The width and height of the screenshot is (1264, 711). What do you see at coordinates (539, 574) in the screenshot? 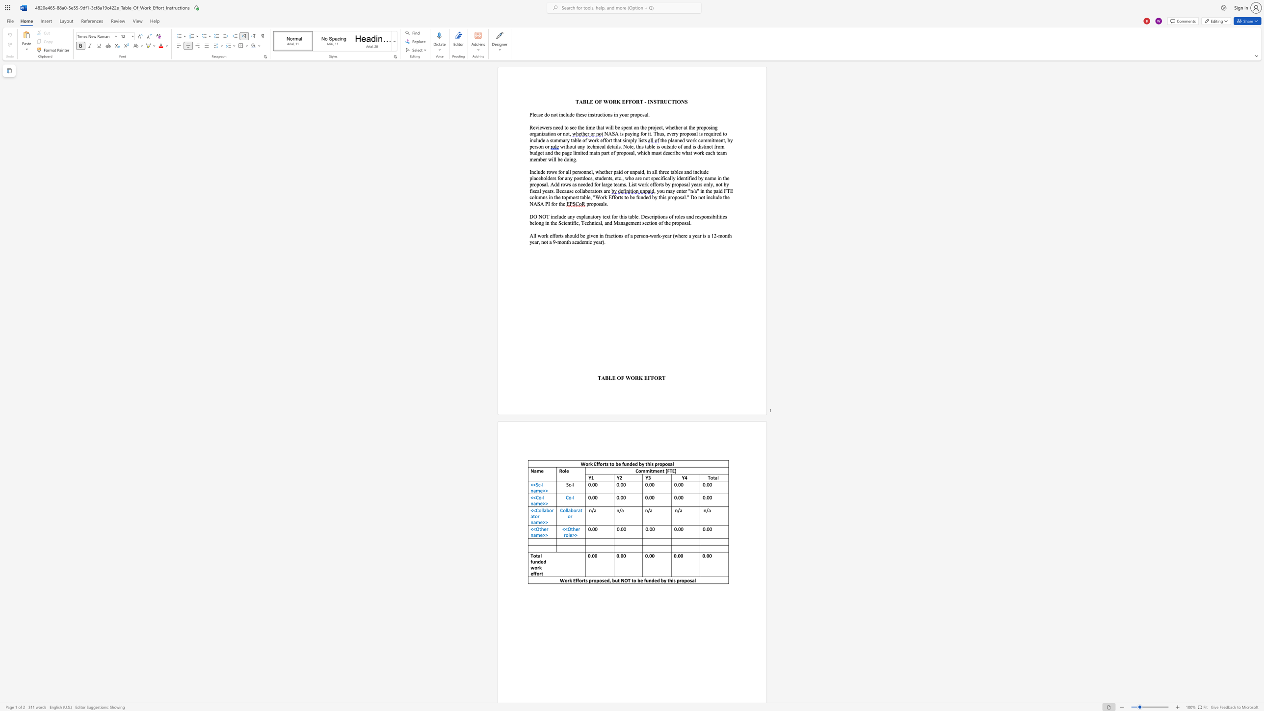
I see `the subset text "rt" within the text "Total funded work effort"` at bounding box center [539, 574].